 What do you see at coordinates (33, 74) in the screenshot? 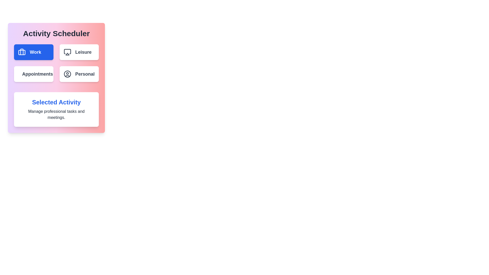
I see `the 'Appointments' button located in the bottom left quadrant of the application, beneath the 'Work' button and left of the 'Personal' button` at bounding box center [33, 74].